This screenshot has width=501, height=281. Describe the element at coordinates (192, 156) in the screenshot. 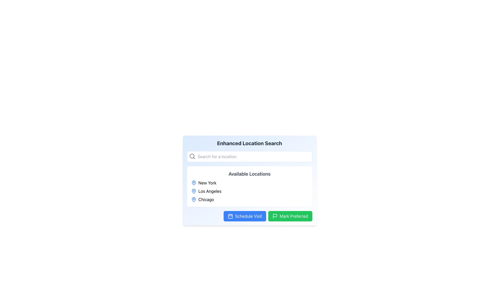

I see `the smaller inner circle of the magnifying glass icon located in the lower-left area of the search bar within the 'Enhanced Location Search' section` at that location.